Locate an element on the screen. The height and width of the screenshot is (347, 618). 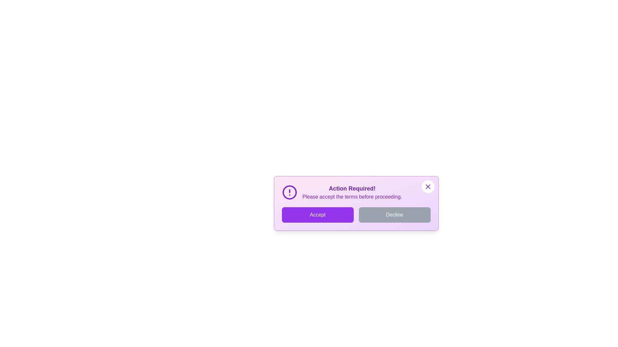
the close button in the top-right corner of the alert box is located at coordinates (428, 187).